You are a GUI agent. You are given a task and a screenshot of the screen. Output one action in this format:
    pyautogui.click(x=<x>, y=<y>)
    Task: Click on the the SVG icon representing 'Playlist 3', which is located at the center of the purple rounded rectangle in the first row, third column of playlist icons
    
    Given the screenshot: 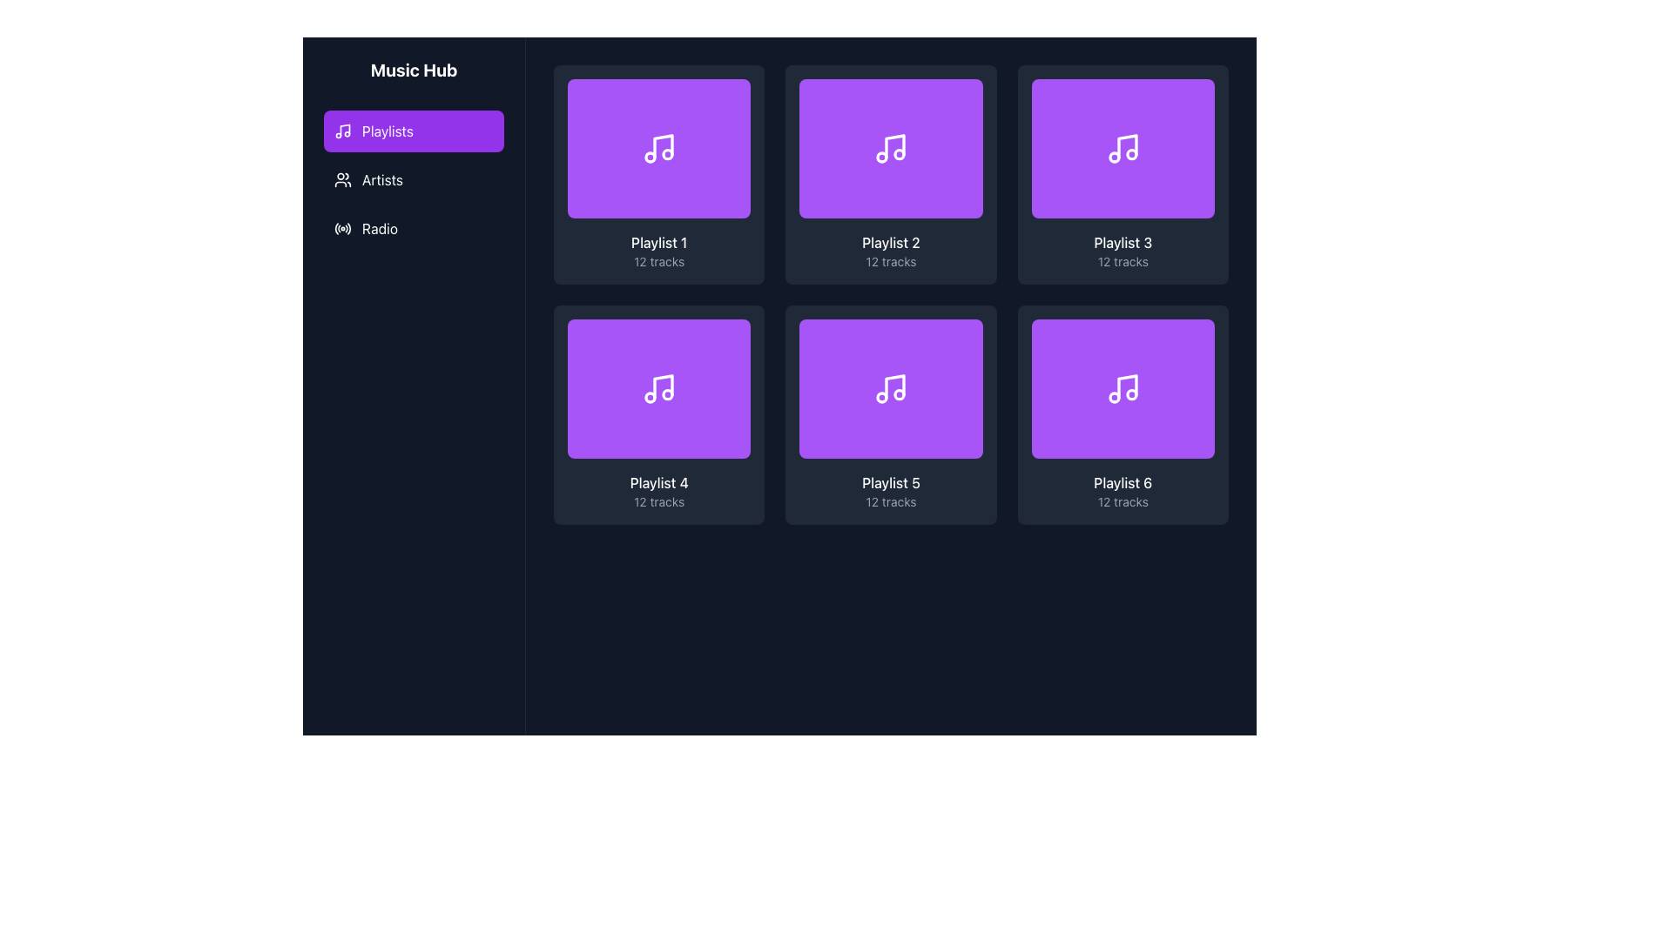 What is the action you would take?
    pyautogui.click(x=1123, y=147)
    